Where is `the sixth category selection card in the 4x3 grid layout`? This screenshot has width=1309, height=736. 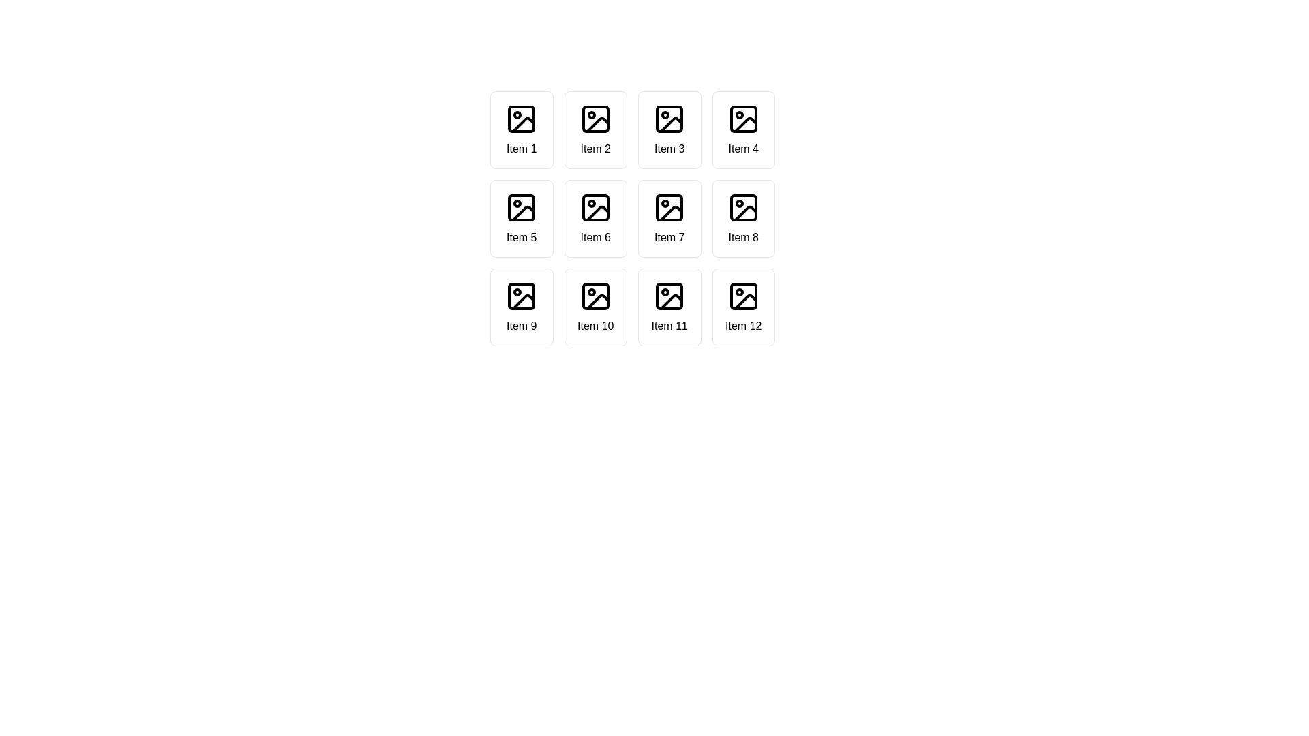 the sixth category selection card in the 4x3 grid layout is located at coordinates (595, 217).